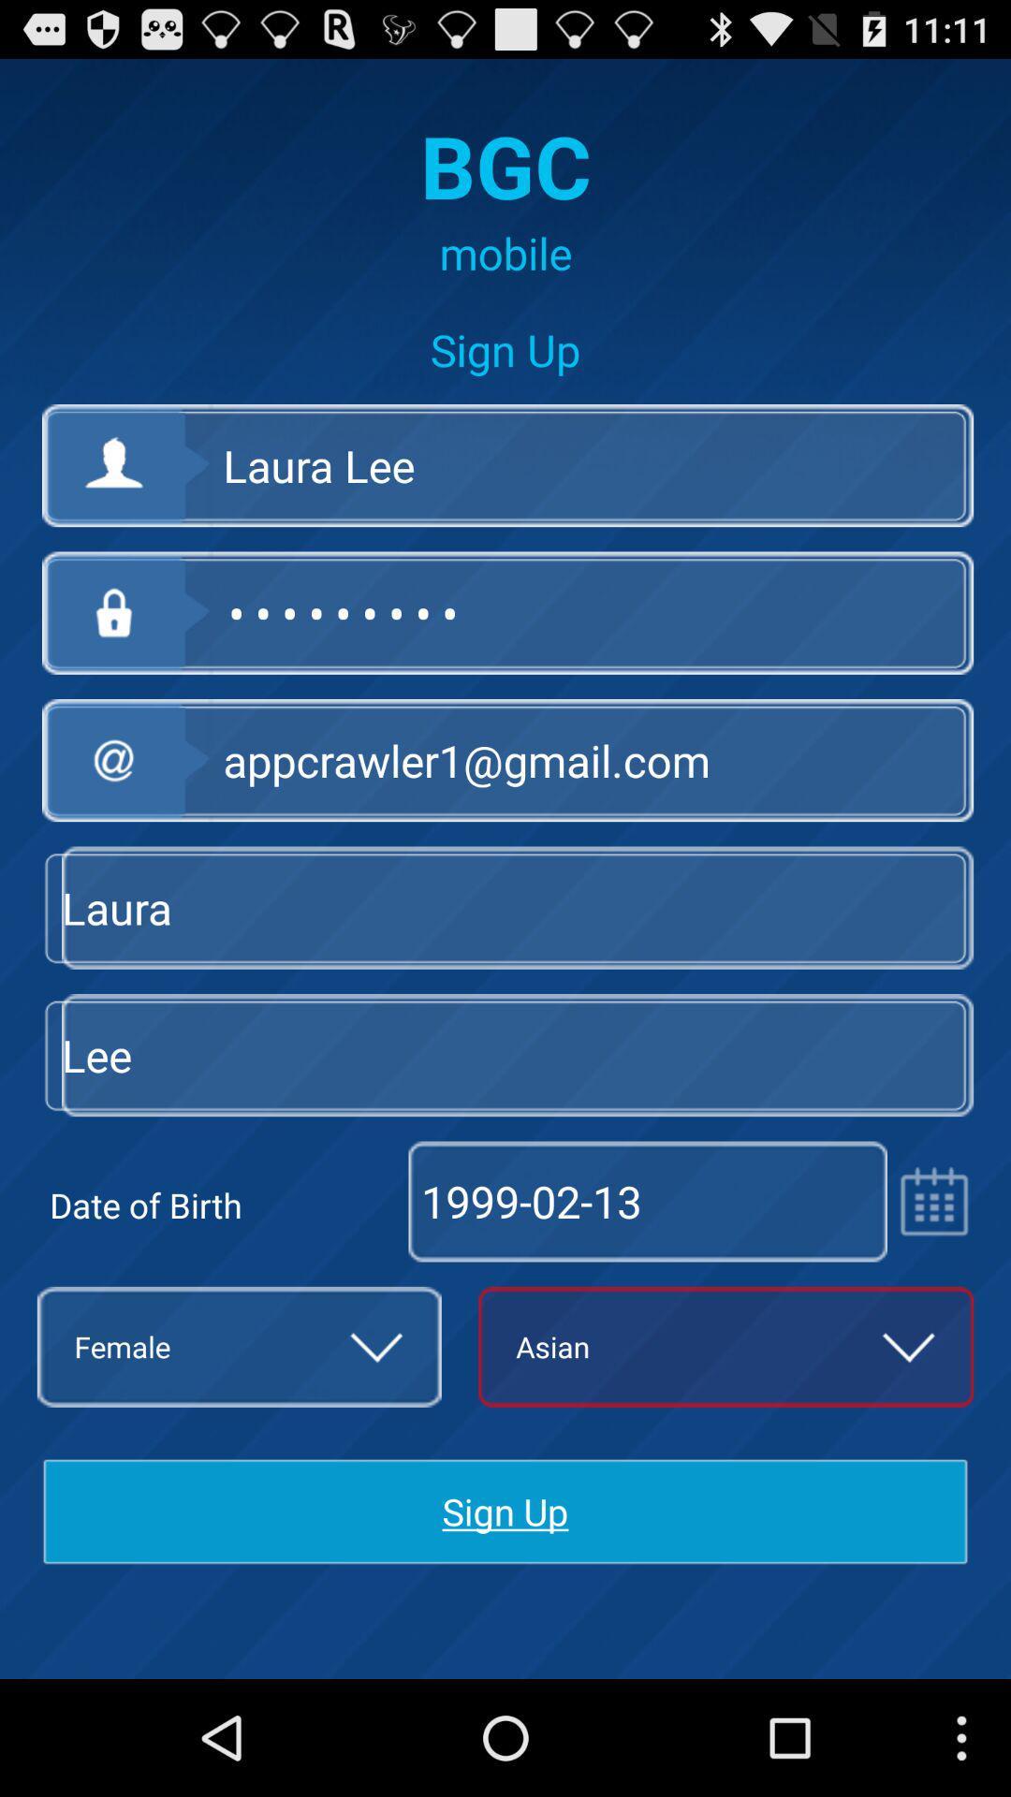 The image size is (1011, 1797). I want to click on the expand_more icon, so click(908, 1440).